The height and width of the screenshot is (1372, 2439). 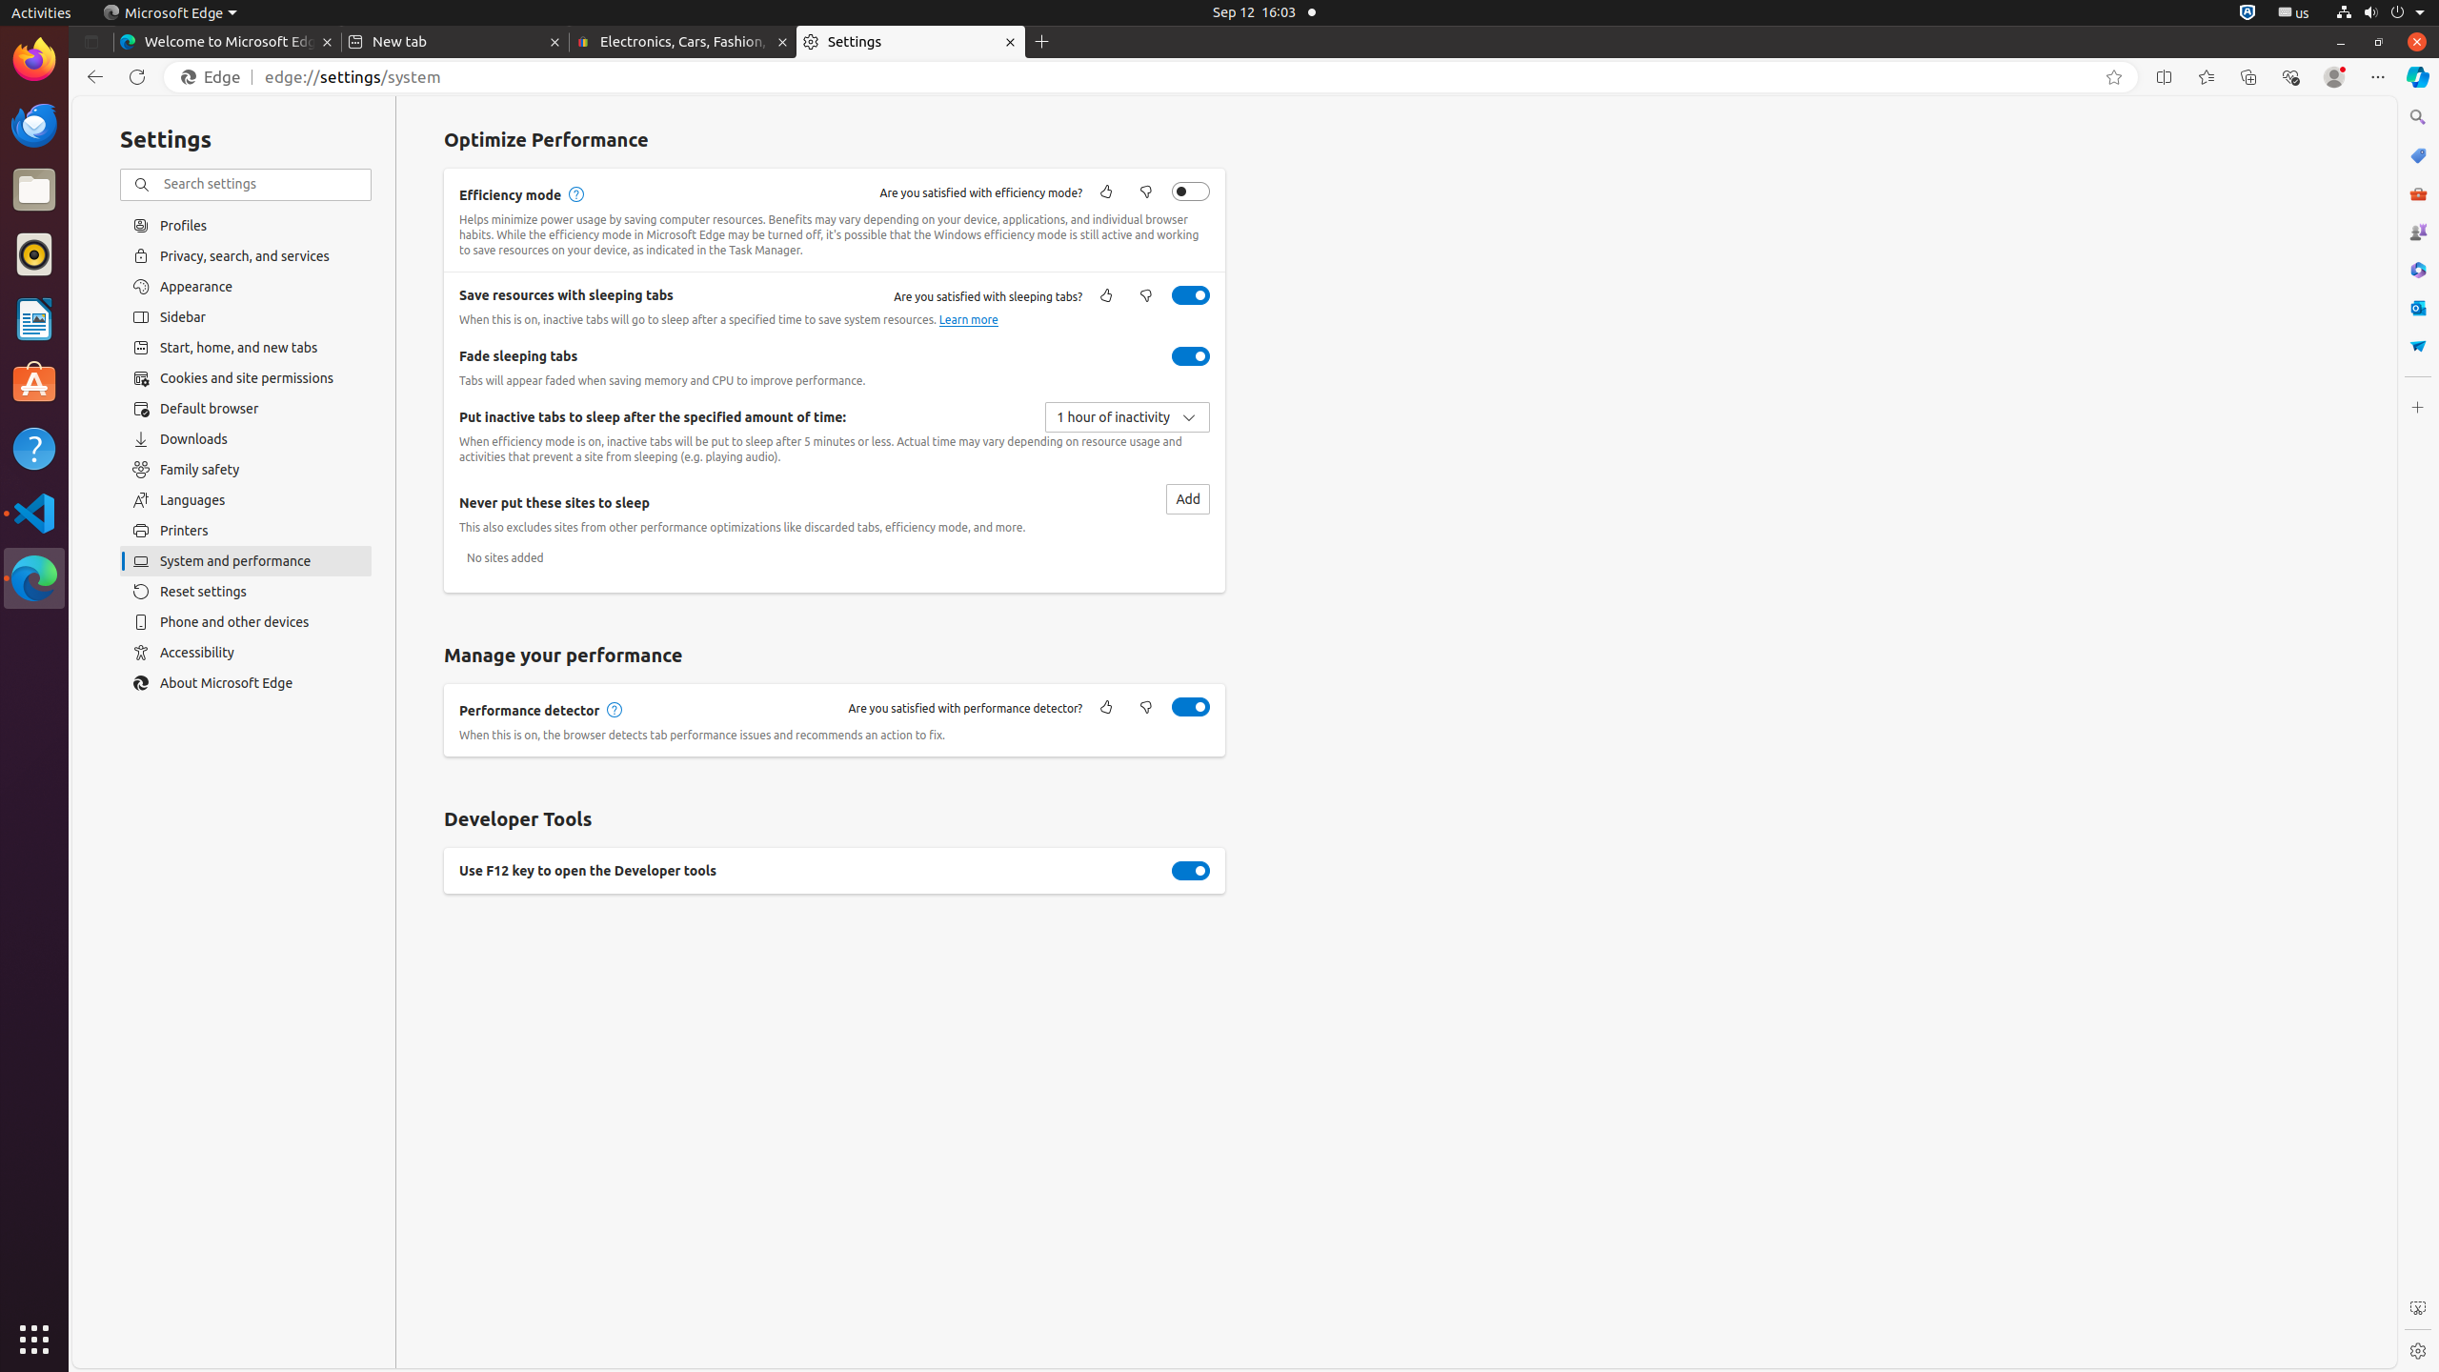 I want to click on 'Settings', so click(x=909, y=41).